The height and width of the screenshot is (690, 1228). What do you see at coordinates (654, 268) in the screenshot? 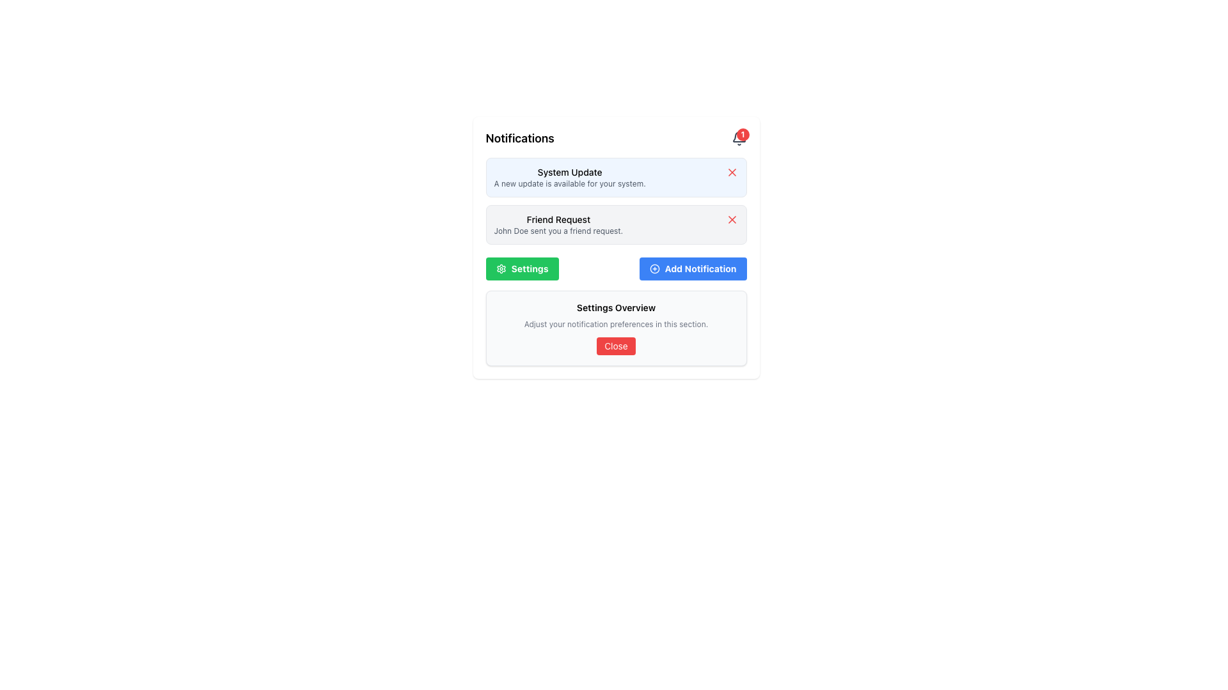
I see `the 'Add Notification' SVG Circle icon located on the right side of the notification interface` at bounding box center [654, 268].